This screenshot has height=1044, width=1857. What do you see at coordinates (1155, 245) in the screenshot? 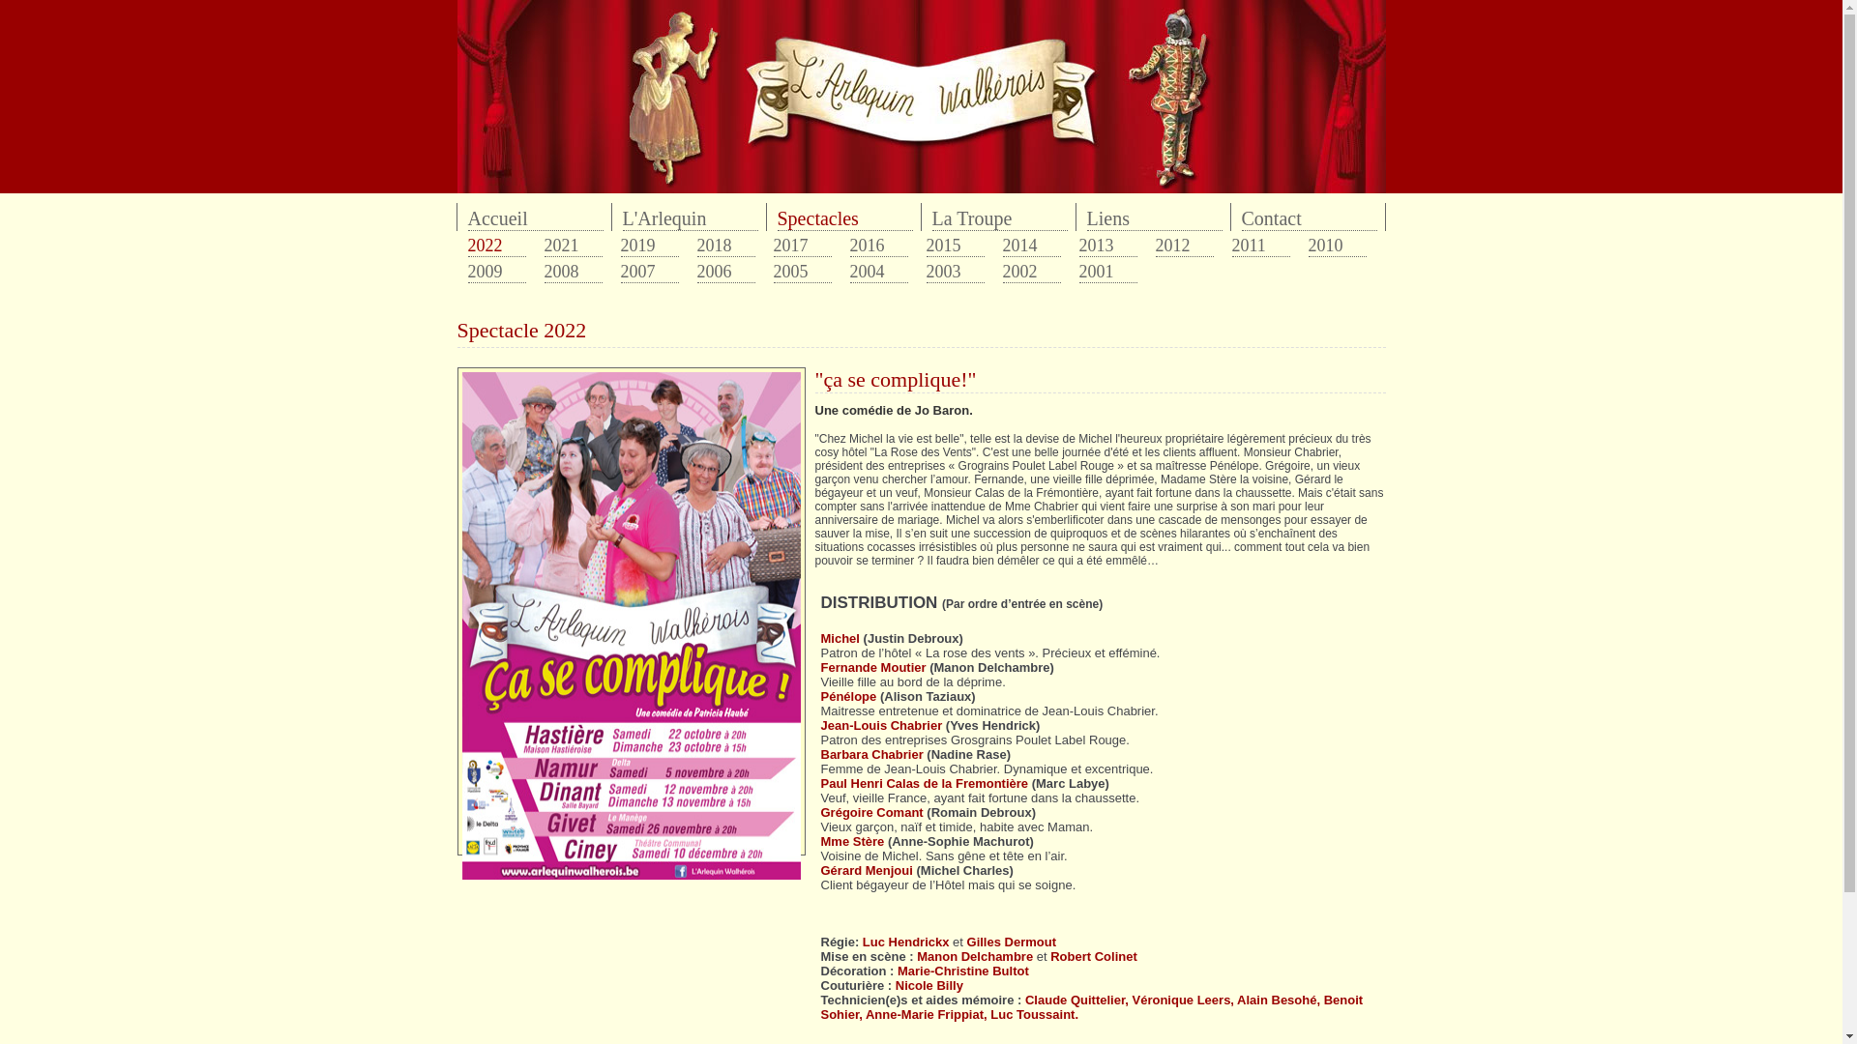
I see `'2012'` at bounding box center [1155, 245].